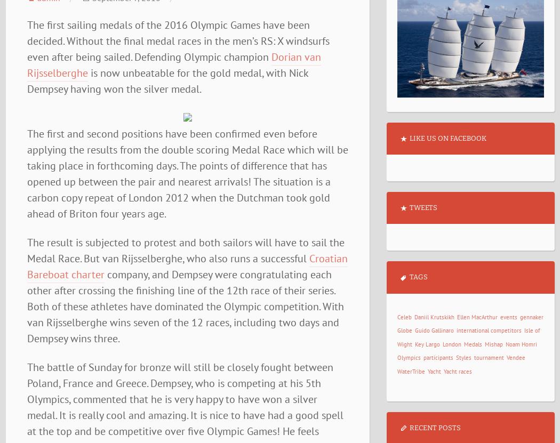 This screenshot has width=560, height=443. I want to click on 'Medals', so click(471, 343).